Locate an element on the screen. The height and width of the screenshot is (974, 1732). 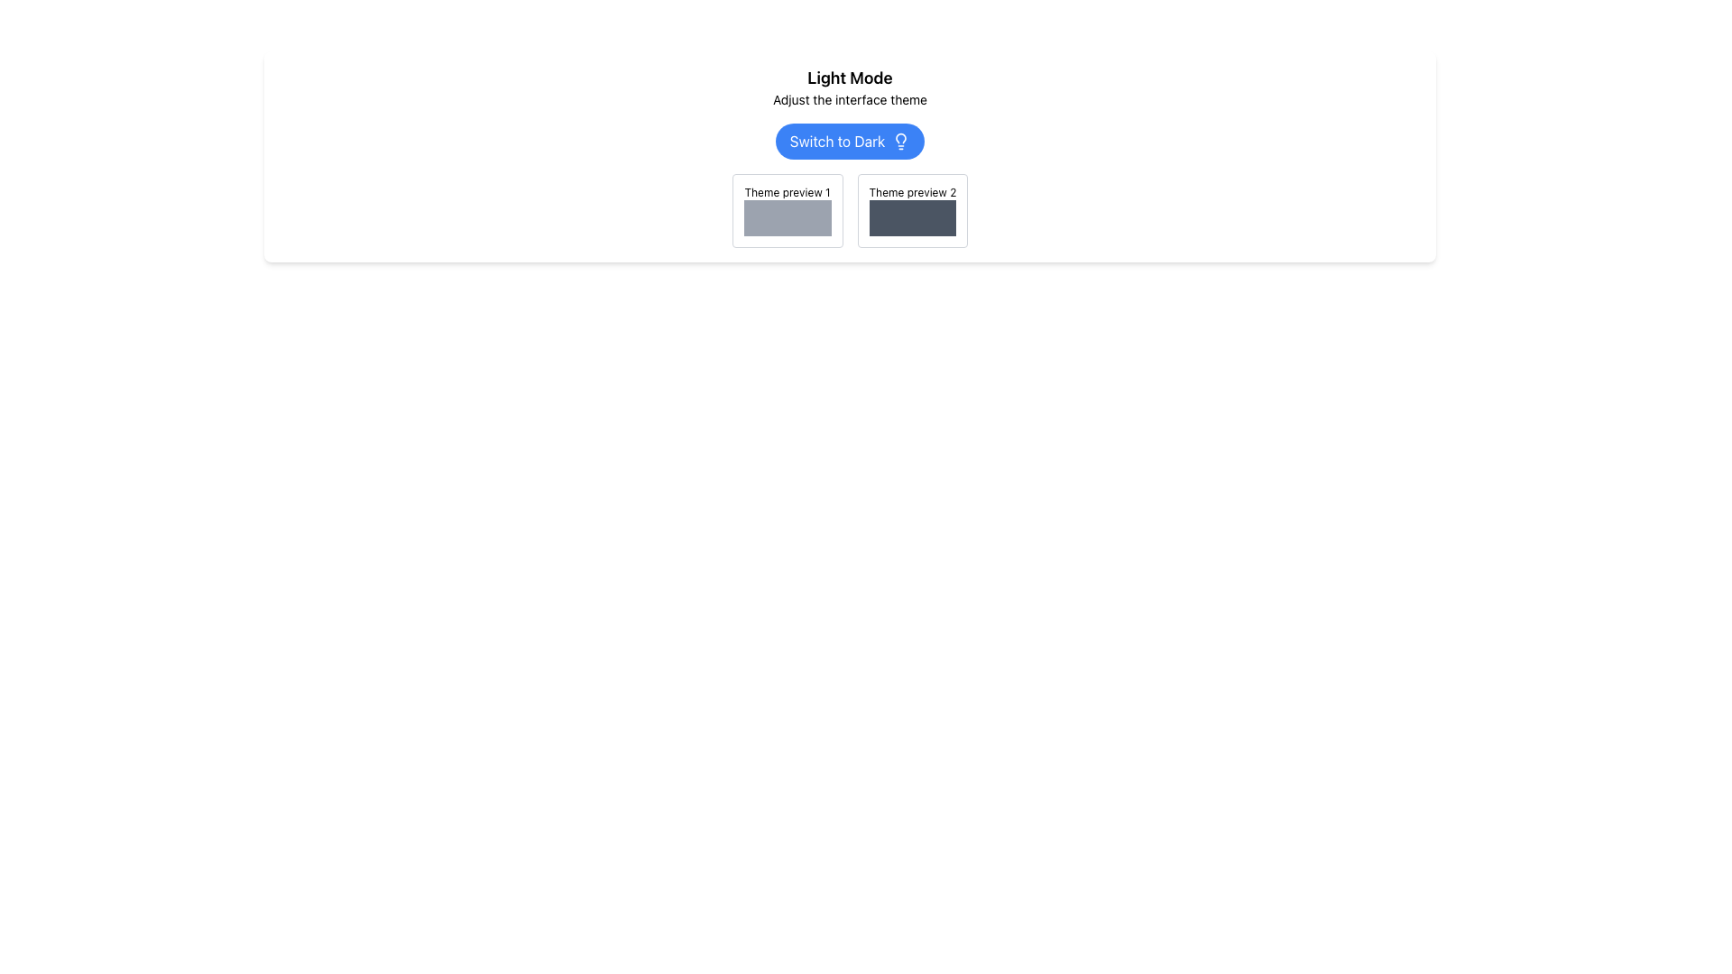
the text label reading 'Switch to Dark' which is styled within a rounded blue button located below the title 'Light Mode' and above the theme preview options is located at coordinates (836, 141).